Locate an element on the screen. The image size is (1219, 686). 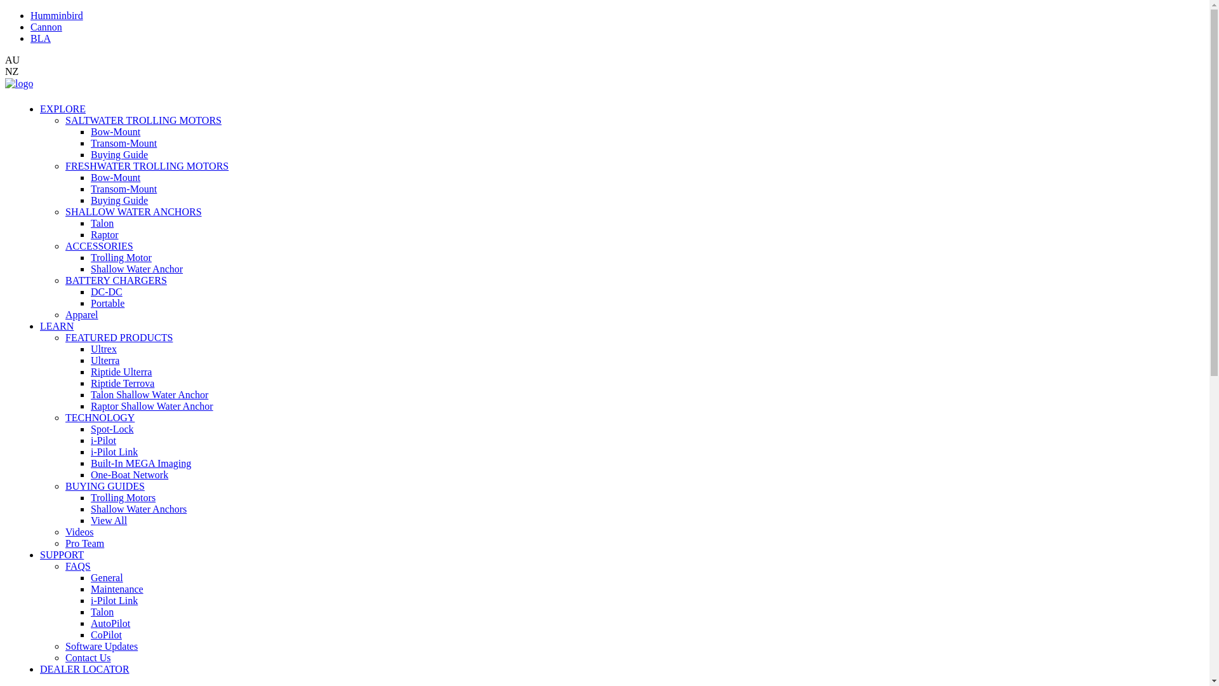
'Raptor Shallow Water Anchor' is located at coordinates (152, 406).